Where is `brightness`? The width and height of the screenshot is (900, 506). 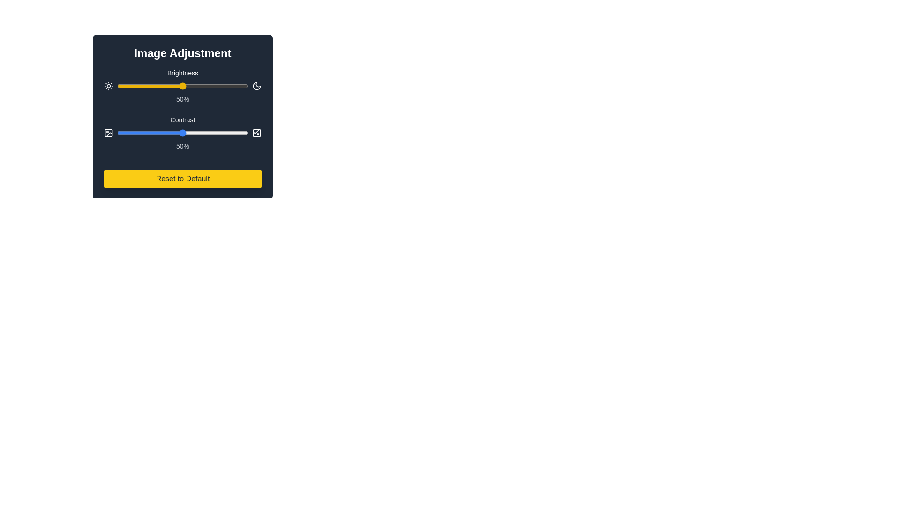 brightness is located at coordinates (143, 86).